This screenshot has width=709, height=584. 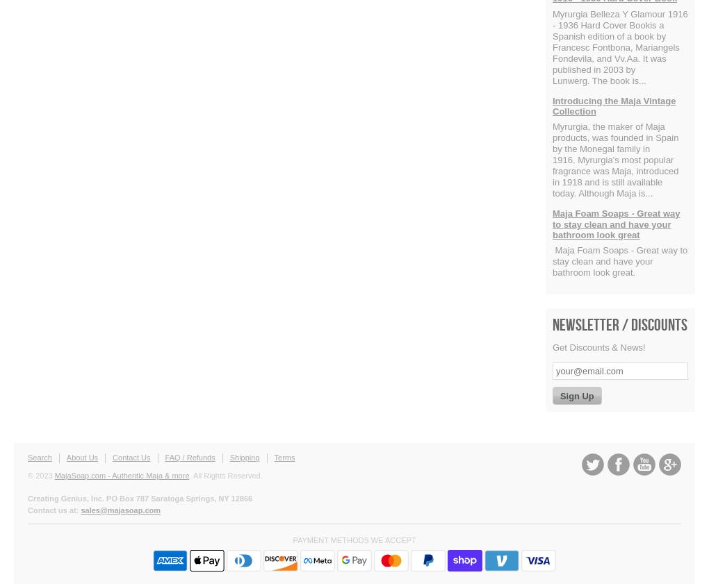 I want to click on 'Myrurgia, the maker of Maja products, was founded in Spain by the Monegal family in 1916. Myrurgia's most popular fragrance was Maja, introduced in 1918 and is still available today. Although Maja is...', so click(x=614, y=159).